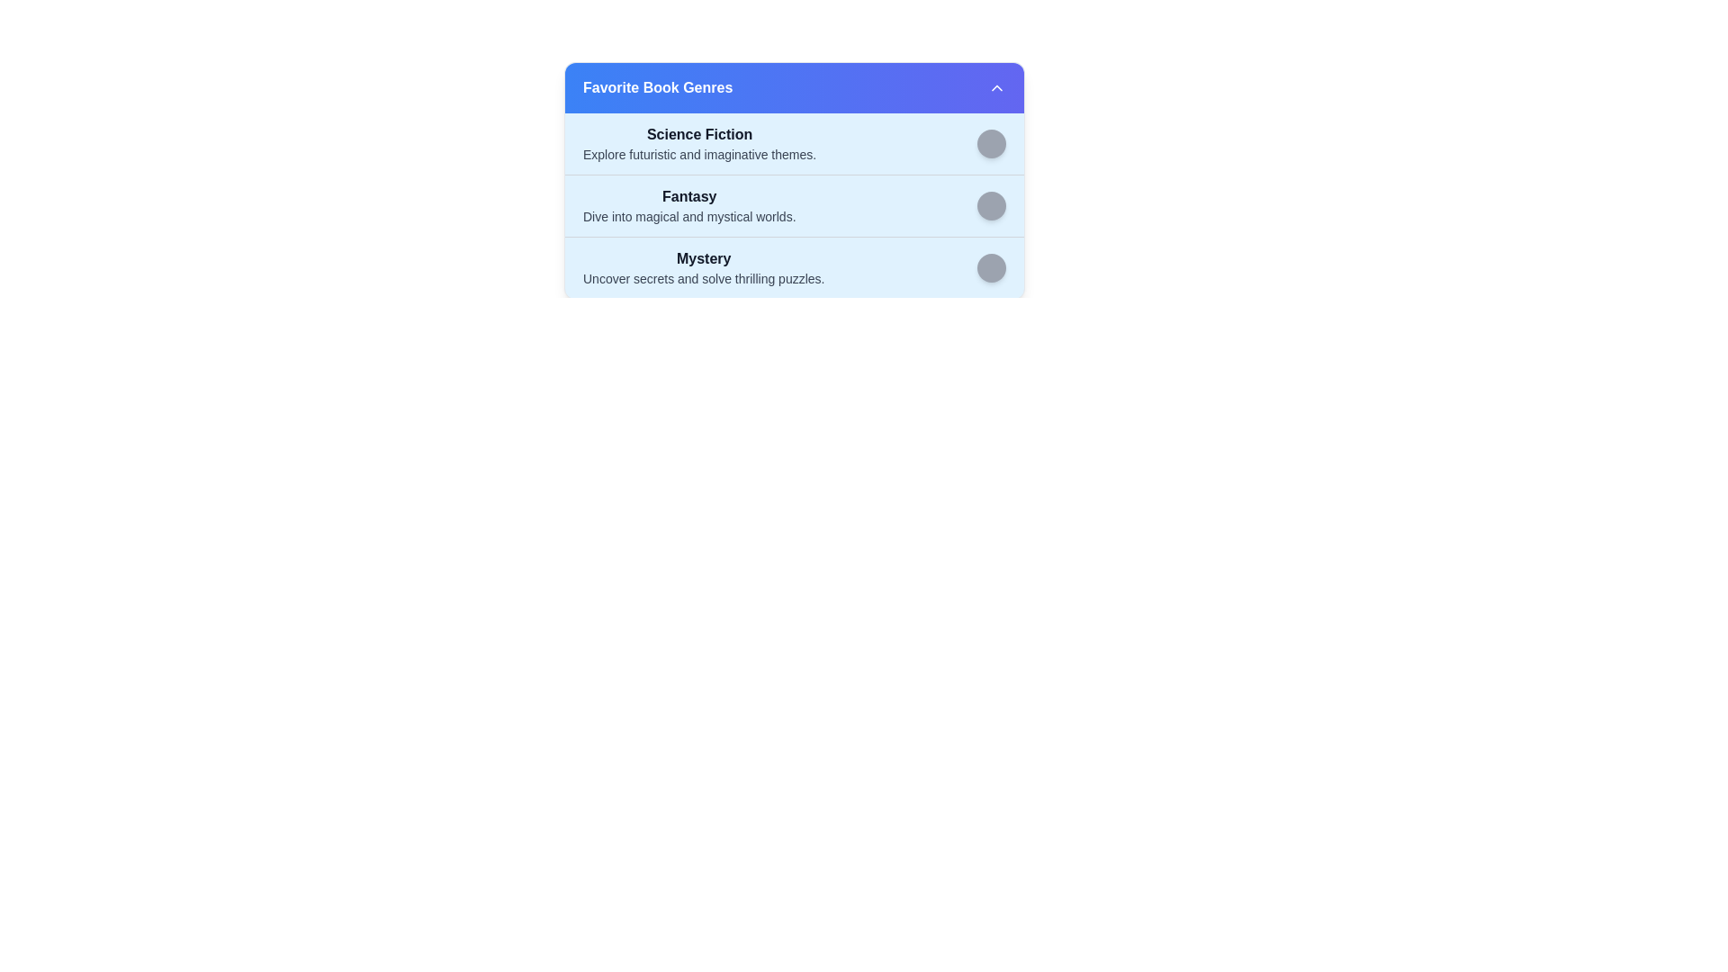  I want to click on descriptive text located below the 'Fantasy' title in the list of favorite book genres, which provides additional context about the genre, so click(688, 215).